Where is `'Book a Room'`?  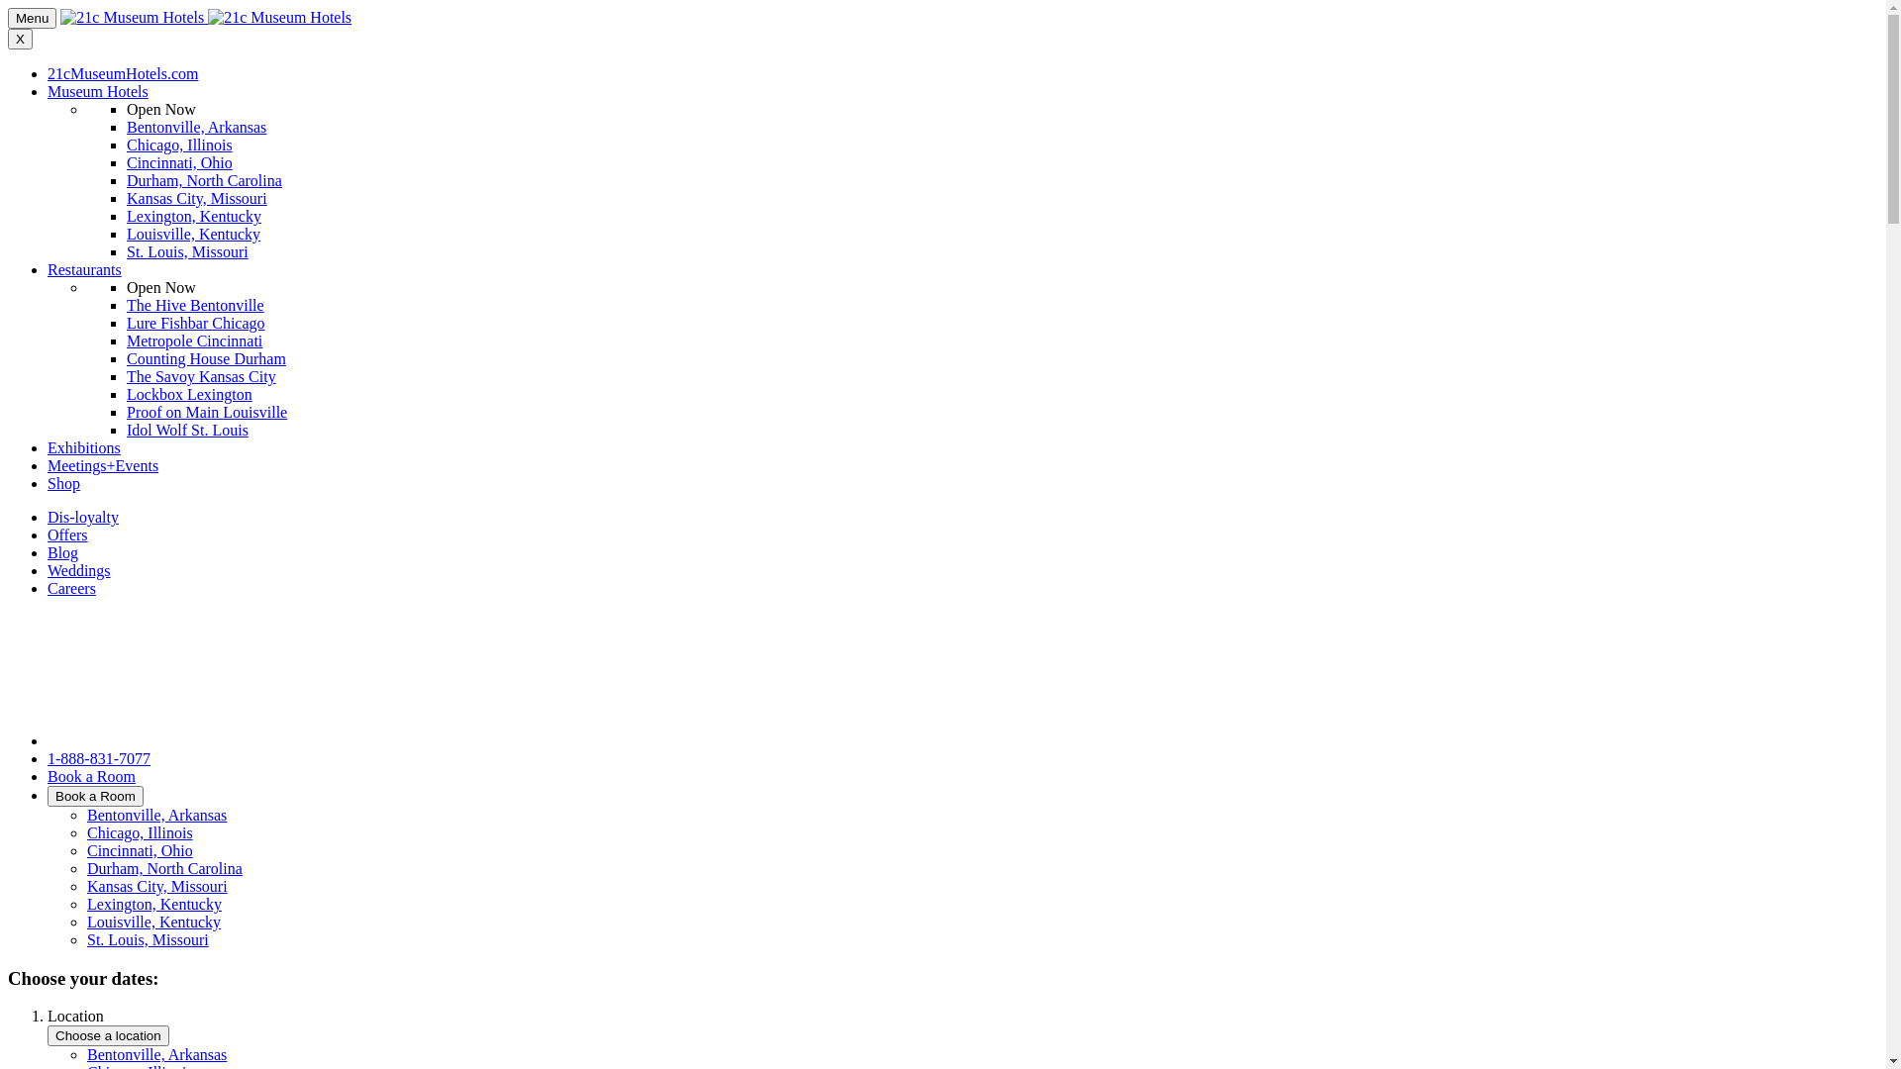 'Book a Room' is located at coordinates (94, 795).